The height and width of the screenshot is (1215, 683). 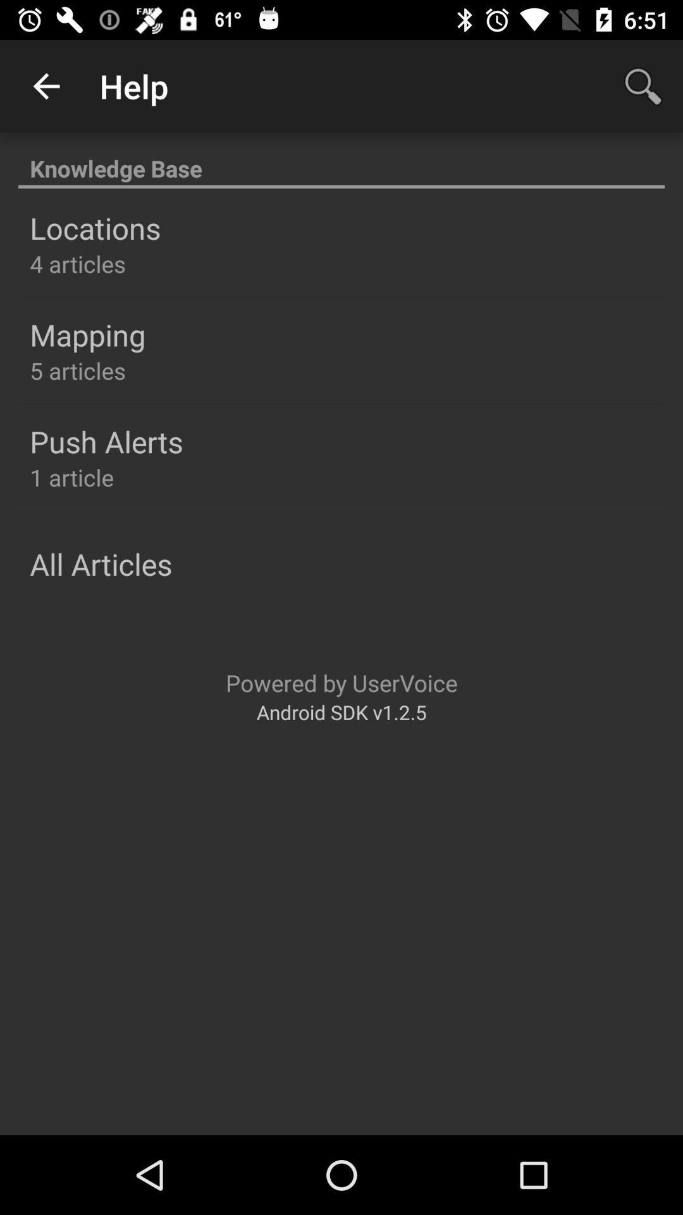 What do you see at coordinates (106, 441) in the screenshot?
I see `item above 1 article icon` at bounding box center [106, 441].